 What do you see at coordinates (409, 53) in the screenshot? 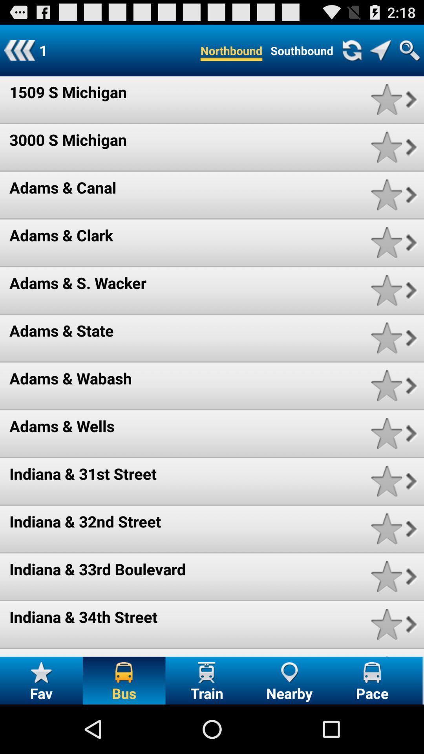
I see `the search icon` at bounding box center [409, 53].